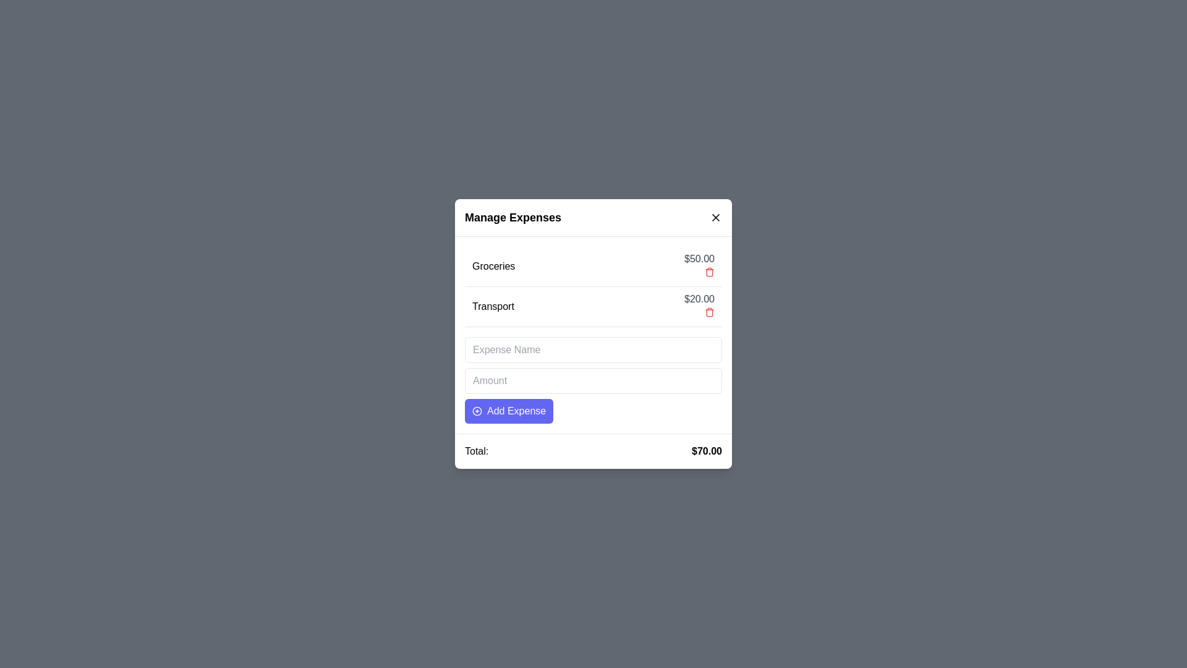 Image resolution: width=1187 pixels, height=668 pixels. I want to click on the text label displaying 'Manage Expenses', which is a bold section header located at the top-left corner of the modal dialog box, so click(513, 216).